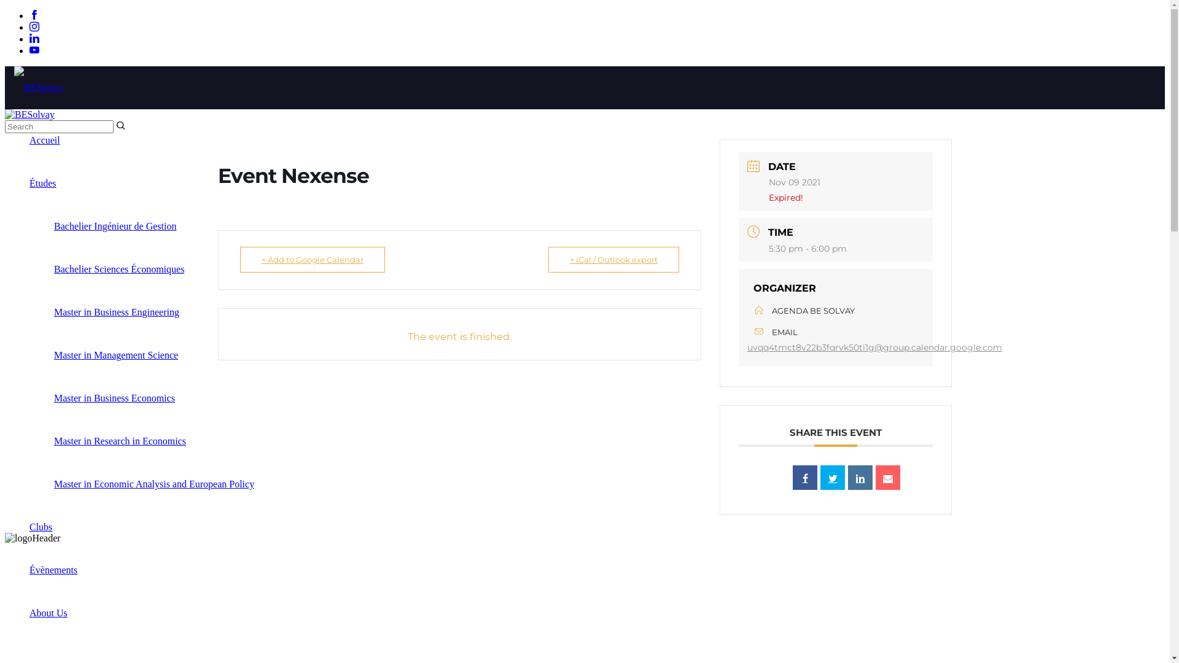 Image resolution: width=1179 pixels, height=663 pixels. What do you see at coordinates (53, 483) in the screenshot?
I see `'Master in Economic Analysis and European Policy'` at bounding box center [53, 483].